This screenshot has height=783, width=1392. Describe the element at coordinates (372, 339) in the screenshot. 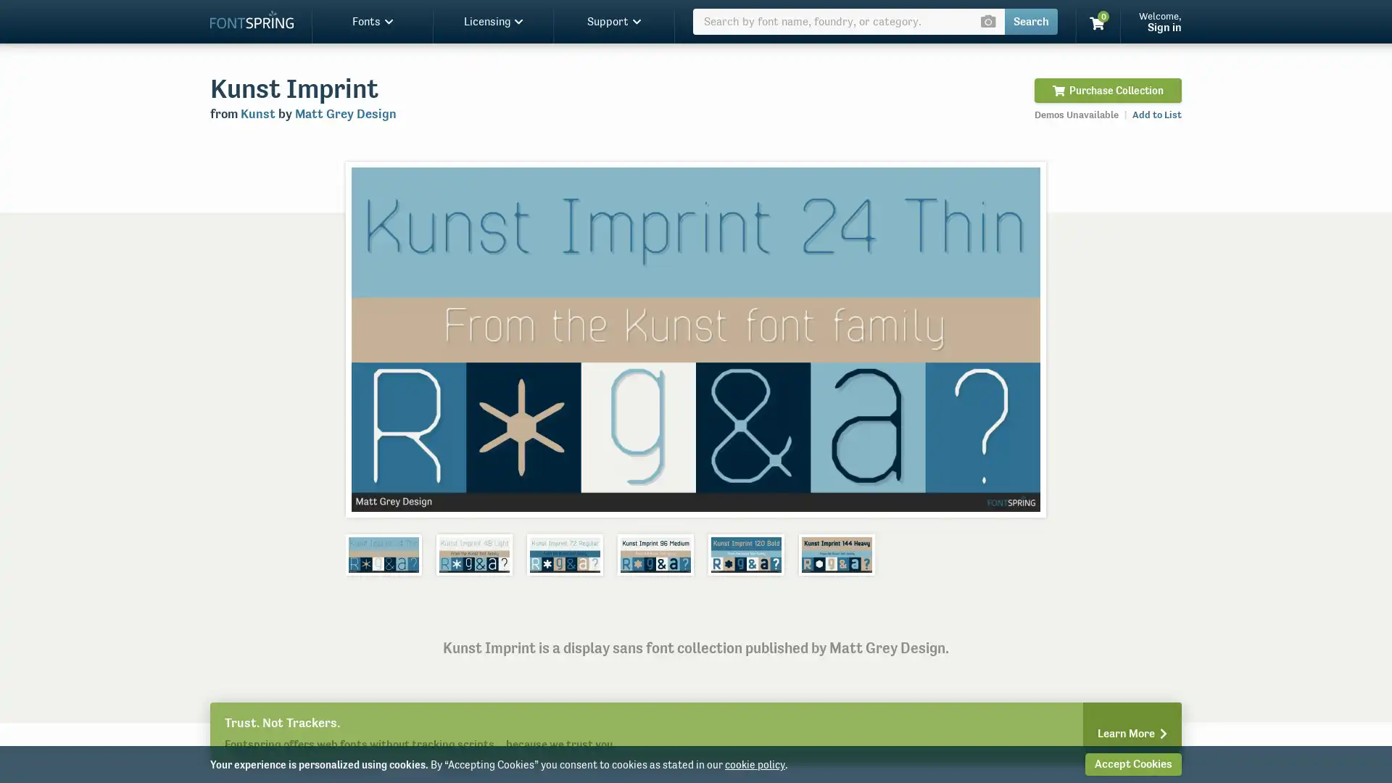

I see `Previous slide` at that location.